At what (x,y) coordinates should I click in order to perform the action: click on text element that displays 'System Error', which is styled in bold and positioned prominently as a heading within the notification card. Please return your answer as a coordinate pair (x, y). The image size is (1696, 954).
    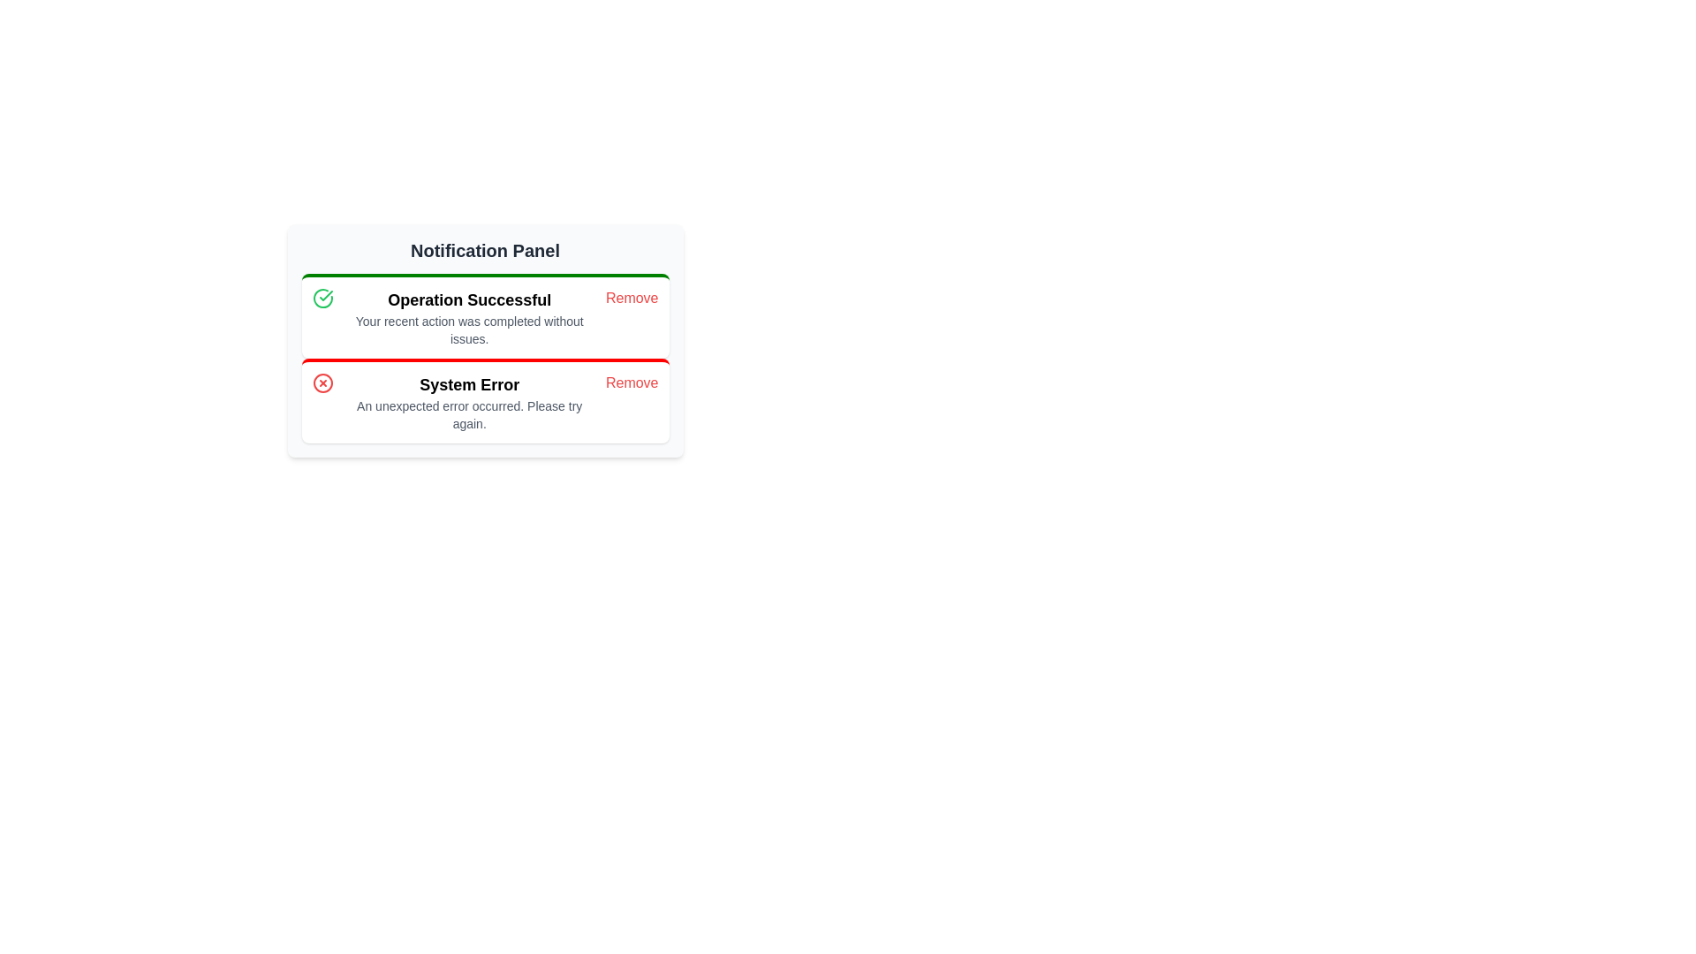
    Looking at the image, I should click on (469, 383).